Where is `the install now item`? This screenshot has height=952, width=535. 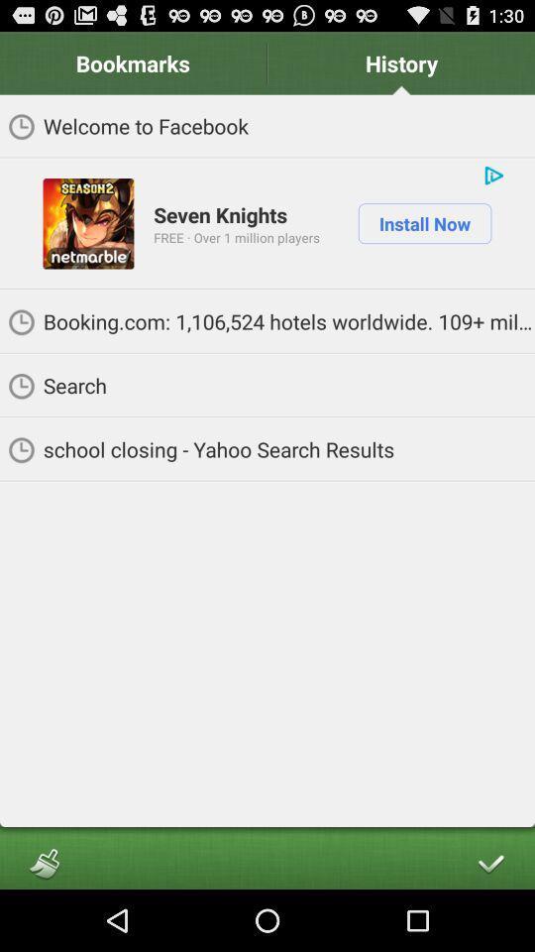 the install now item is located at coordinates (423, 223).